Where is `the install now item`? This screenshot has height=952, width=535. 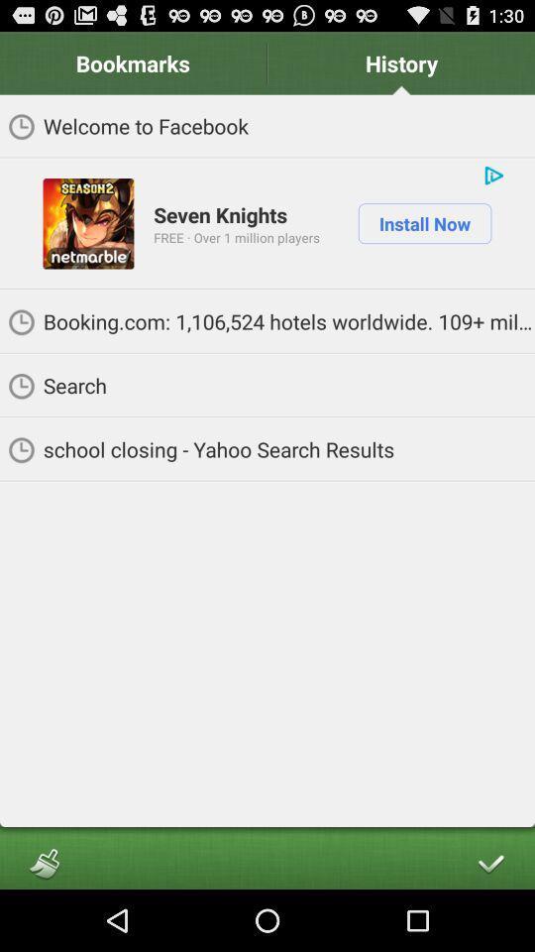 the install now item is located at coordinates (423, 223).